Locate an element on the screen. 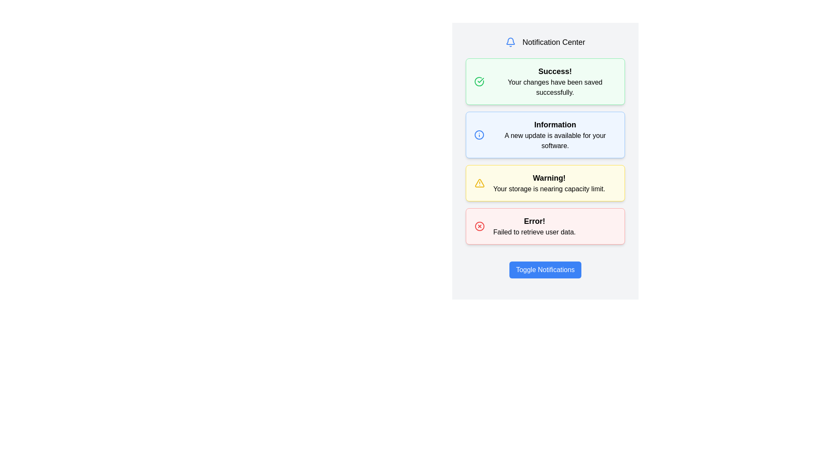 The width and height of the screenshot is (813, 457). notification text block displaying 'Information' with the message 'A new update is available for your software.' is located at coordinates (555, 135).